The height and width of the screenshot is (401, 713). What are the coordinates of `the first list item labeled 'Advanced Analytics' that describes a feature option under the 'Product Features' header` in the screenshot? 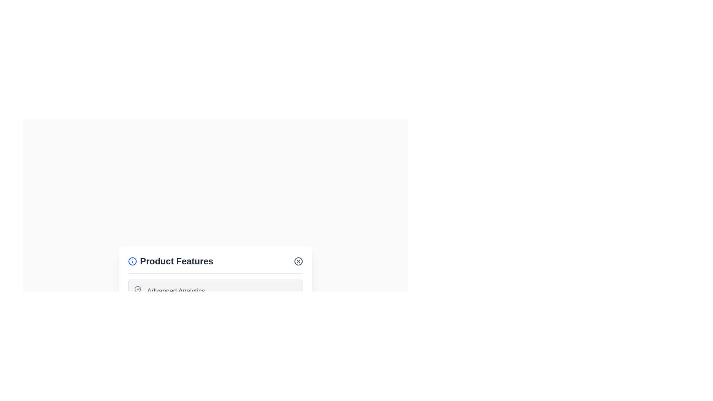 It's located at (215, 290).